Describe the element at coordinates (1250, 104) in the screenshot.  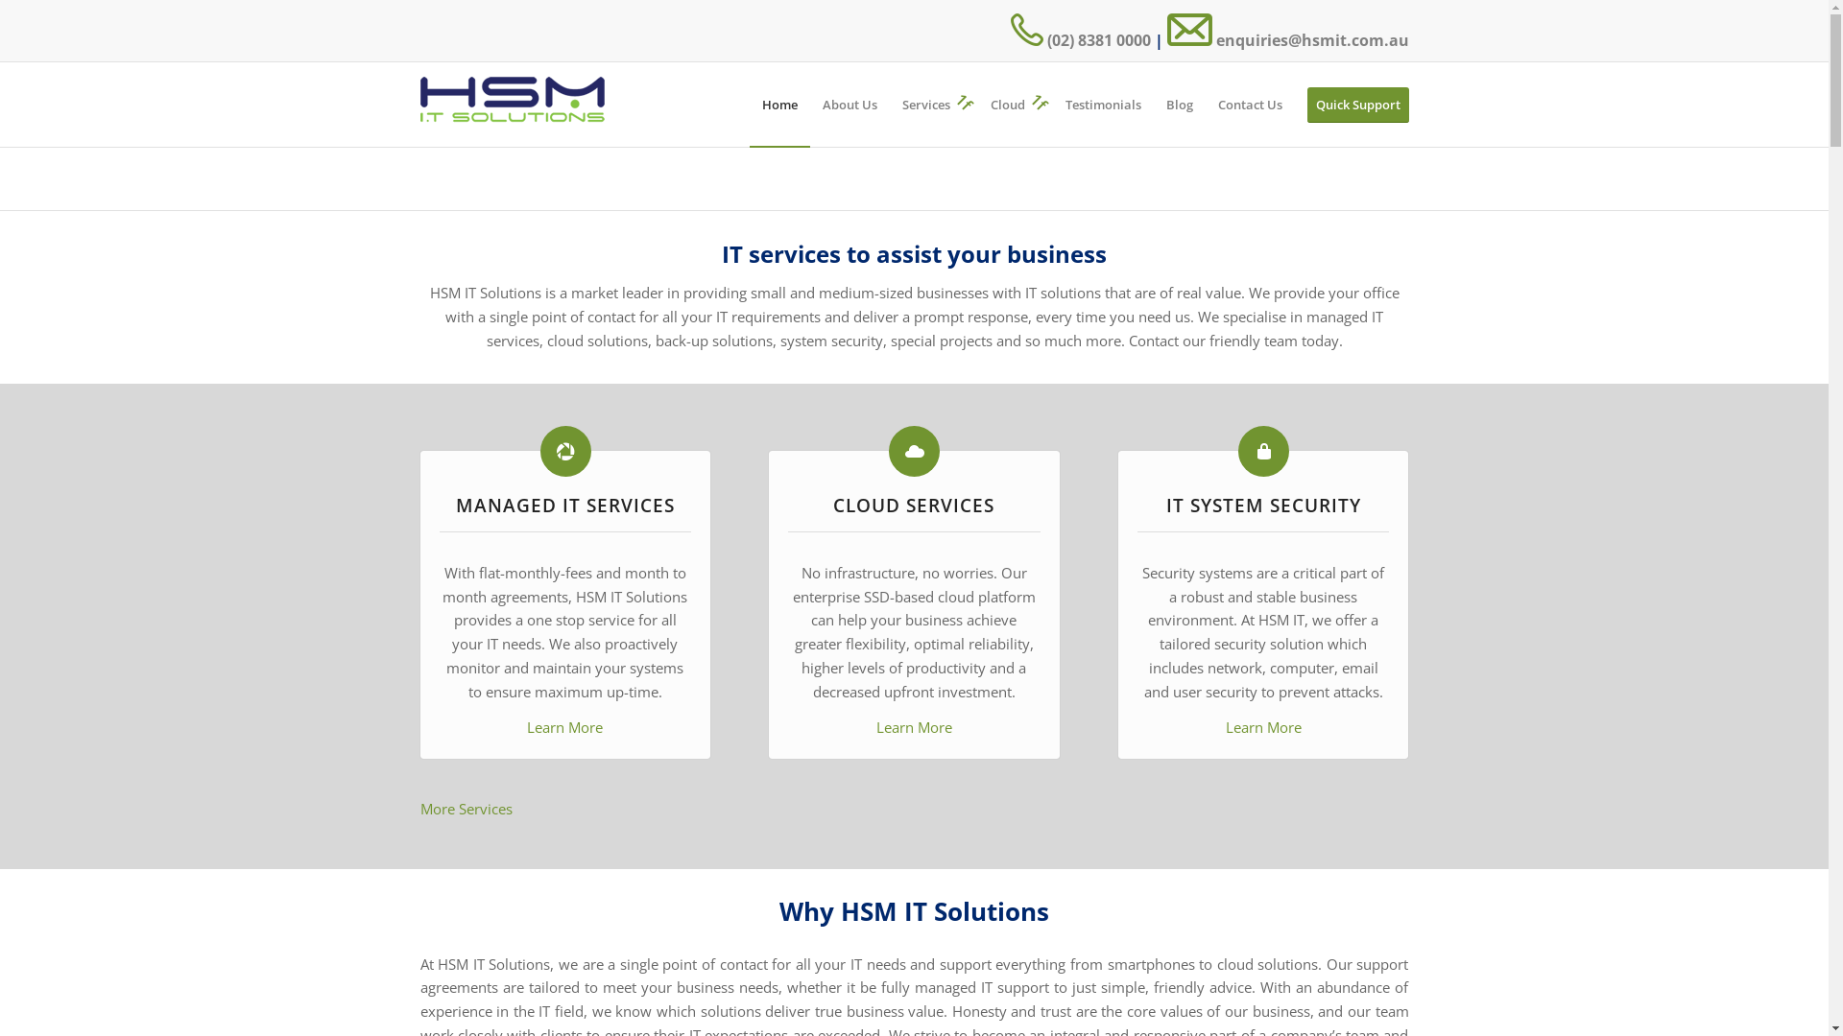
I see `'Contact Us'` at that location.